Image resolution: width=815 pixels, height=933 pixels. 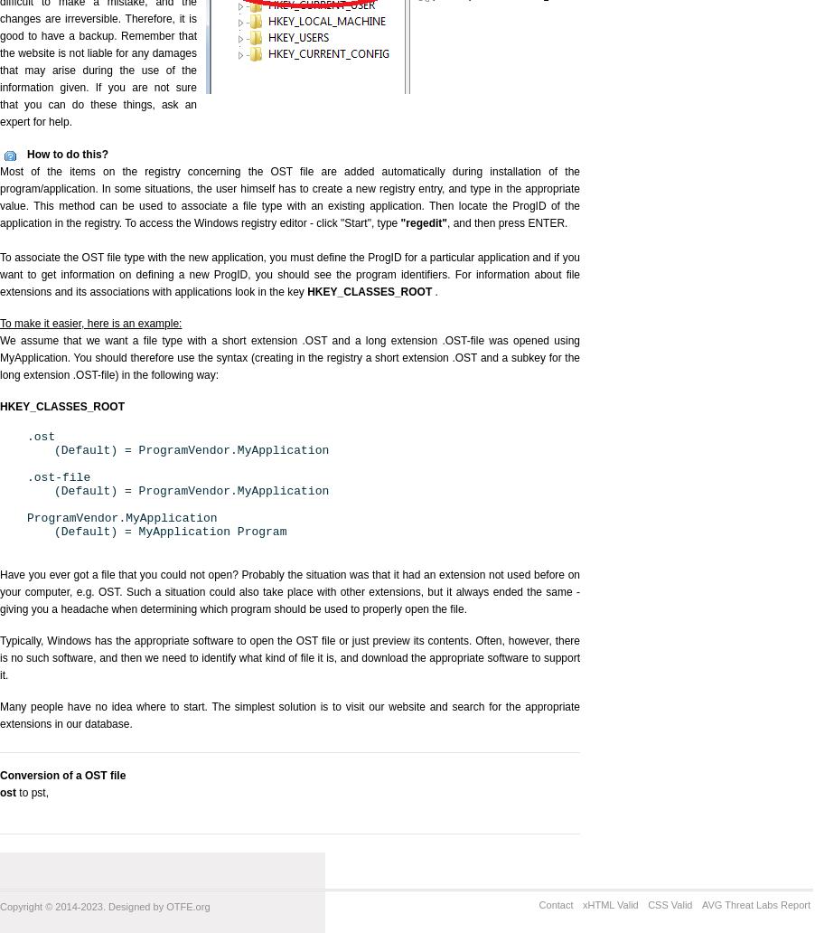 What do you see at coordinates (289, 715) in the screenshot?
I see `'Many people have no idea where to start. The simplest solution is to visit our website and search for the appropriate extensions in our database.'` at bounding box center [289, 715].